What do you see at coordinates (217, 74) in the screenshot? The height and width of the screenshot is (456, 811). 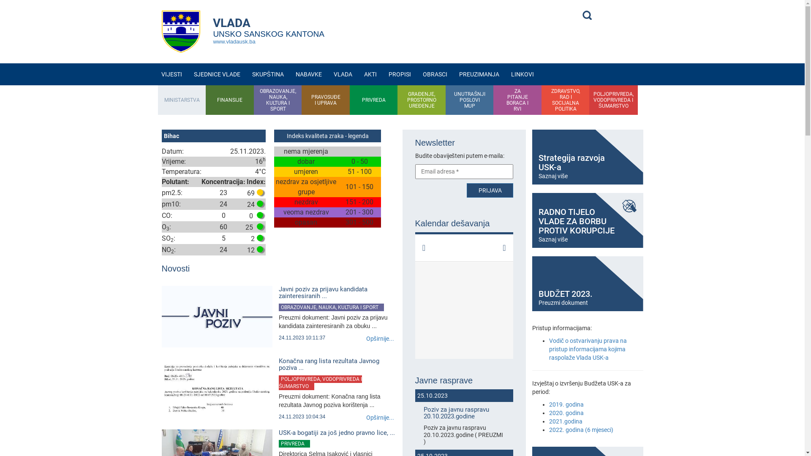 I see `'SJEDNICE VLADE'` at bounding box center [217, 74].